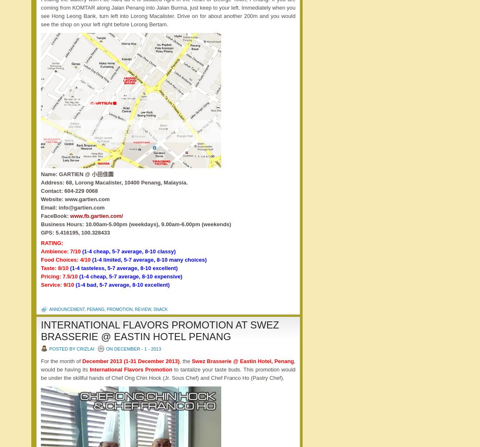 The height and width of the screenshot is (447, 480). What do you see at coordinates (143, 309) in the screenshot?
I see `'review'` at bounding box center [143, 309].